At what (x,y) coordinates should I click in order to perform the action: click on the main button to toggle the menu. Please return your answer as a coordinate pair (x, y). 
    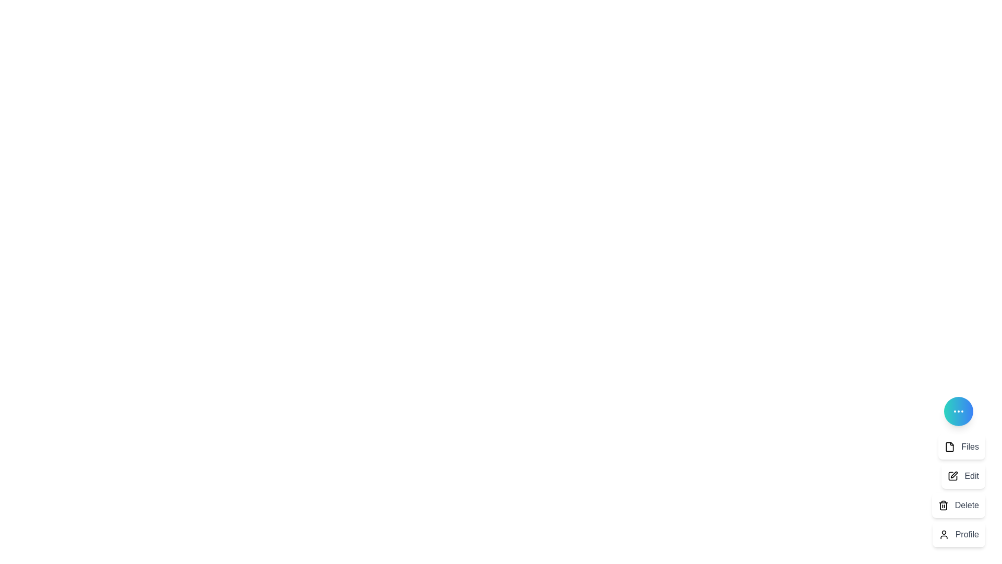
    Looking at the image, I should click on (958, 410).